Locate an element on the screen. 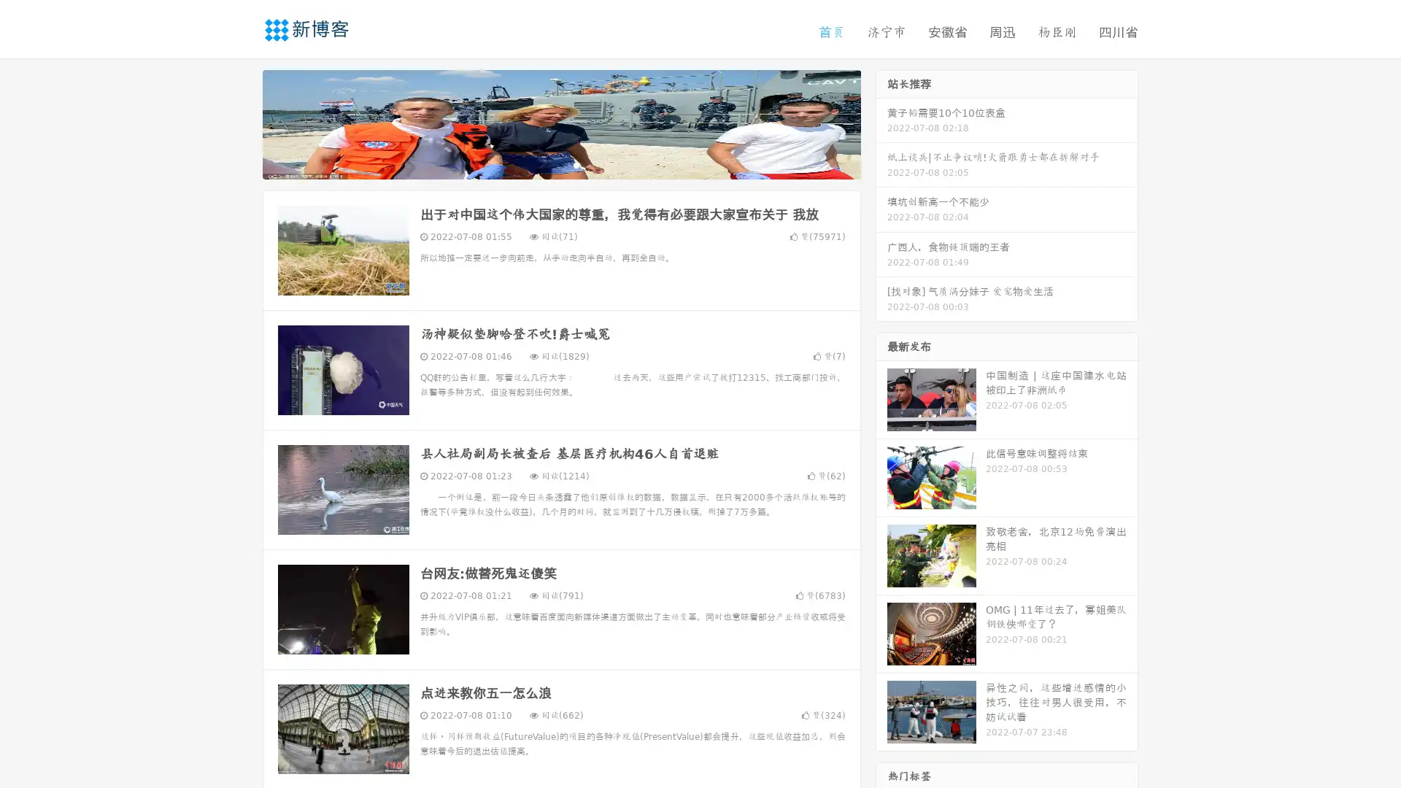 The width and height of the screenshot is (1401, 788). Previous slide is located at coordinates (241, 123).